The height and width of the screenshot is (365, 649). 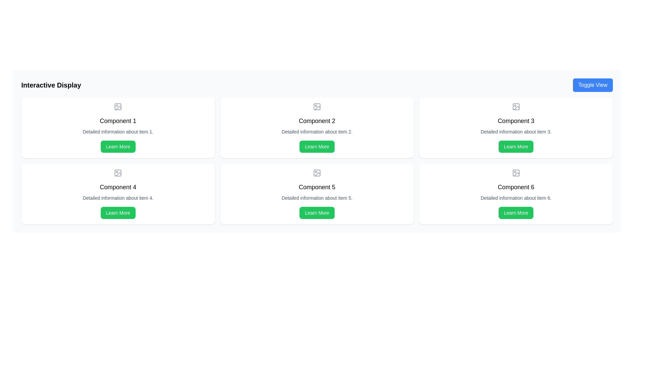 What do you see at coordinates (316, 173) in the screenshot?
I see `the image placeholder icon located in the middle row, second column of the grid layout within 'Component 5'` at bounding box center [316, 173].